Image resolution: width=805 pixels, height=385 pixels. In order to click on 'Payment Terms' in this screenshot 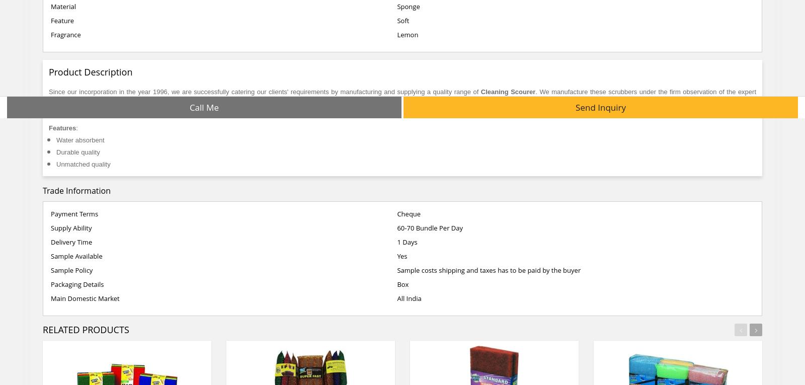, I will do `click(74, 214)`.